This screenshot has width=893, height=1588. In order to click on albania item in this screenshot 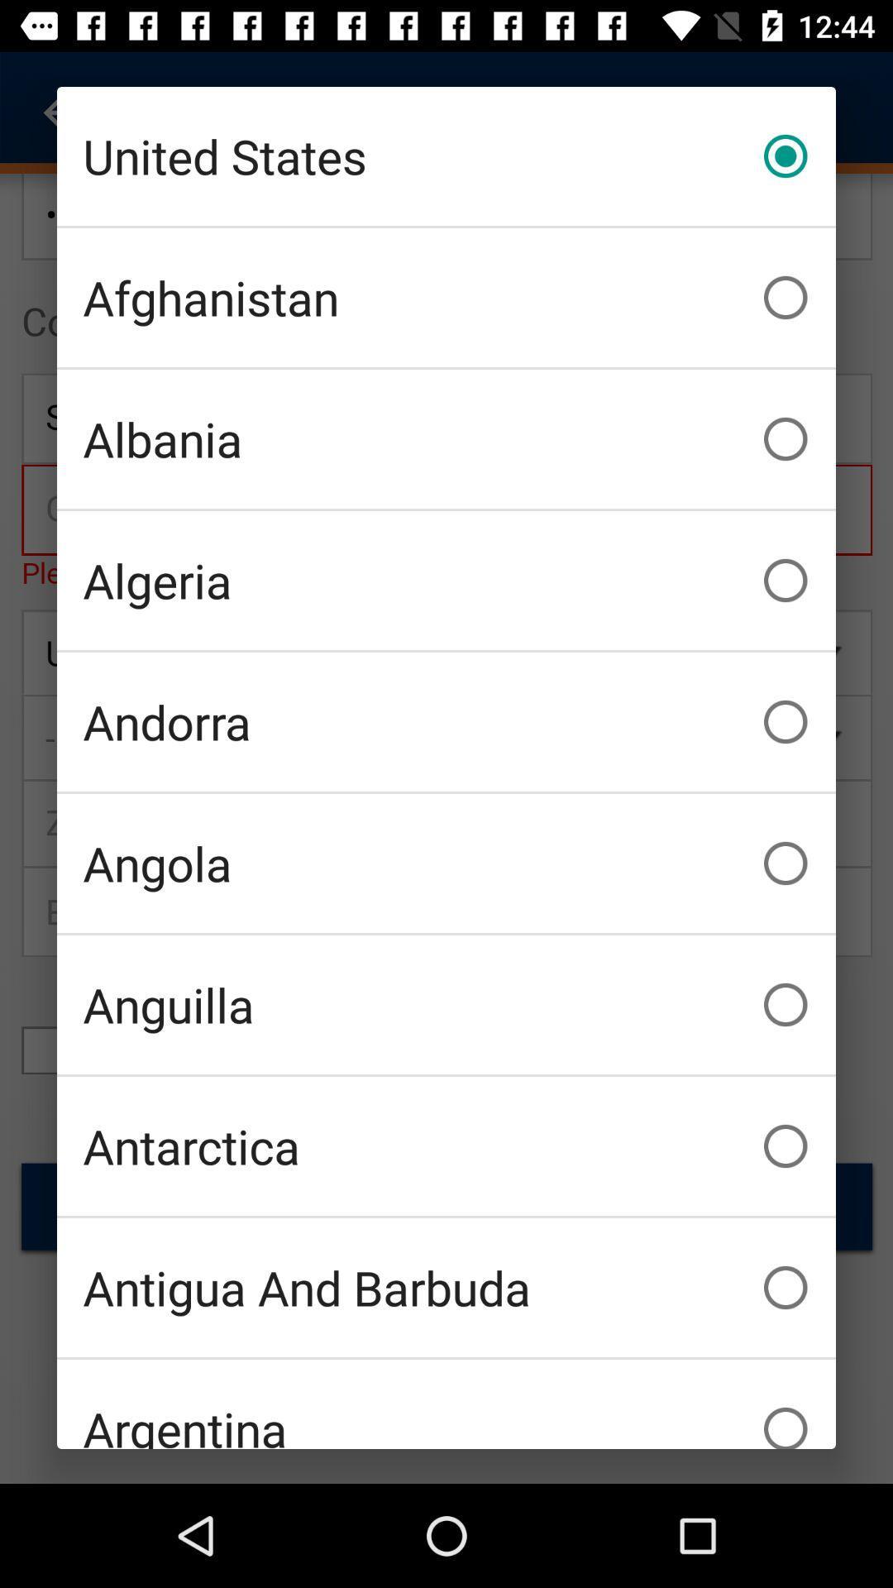, I will do `click(446, 439)`.